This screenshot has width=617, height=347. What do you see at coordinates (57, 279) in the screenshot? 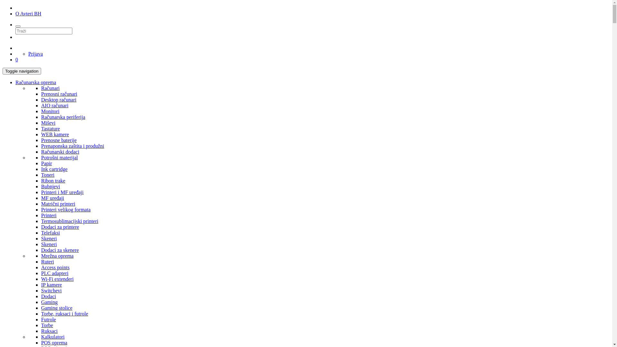
I see `'Wi-Fi extenderi'` at bounding box center [57, 279].